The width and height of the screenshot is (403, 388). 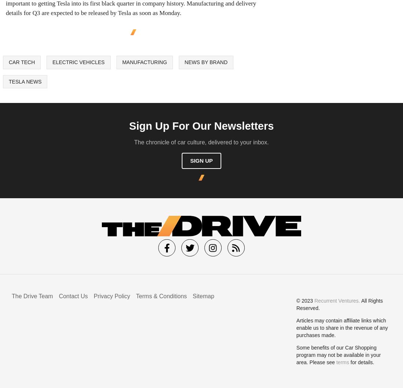 What do you see at coordinates (32, 295) in the screenshot?
I see `'The Drive Team'` at bounding box center [32, 295].